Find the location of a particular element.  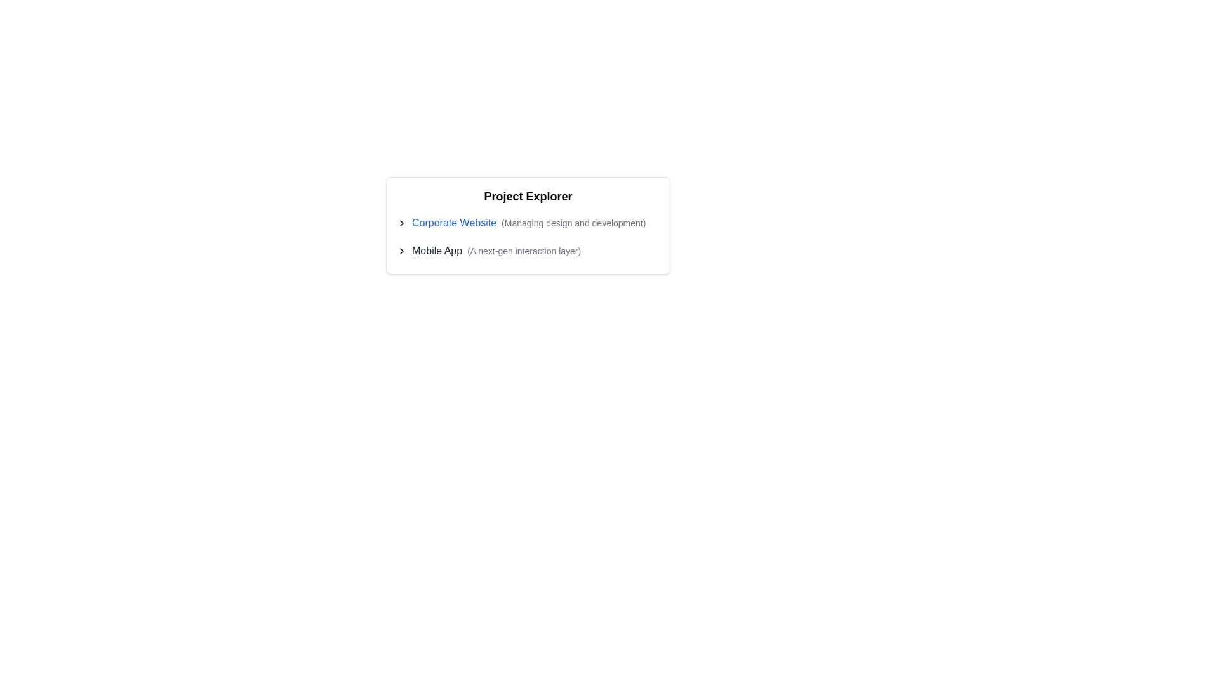

the project associated with the 'Mobile App' text label is located at coordinates (437, 251).